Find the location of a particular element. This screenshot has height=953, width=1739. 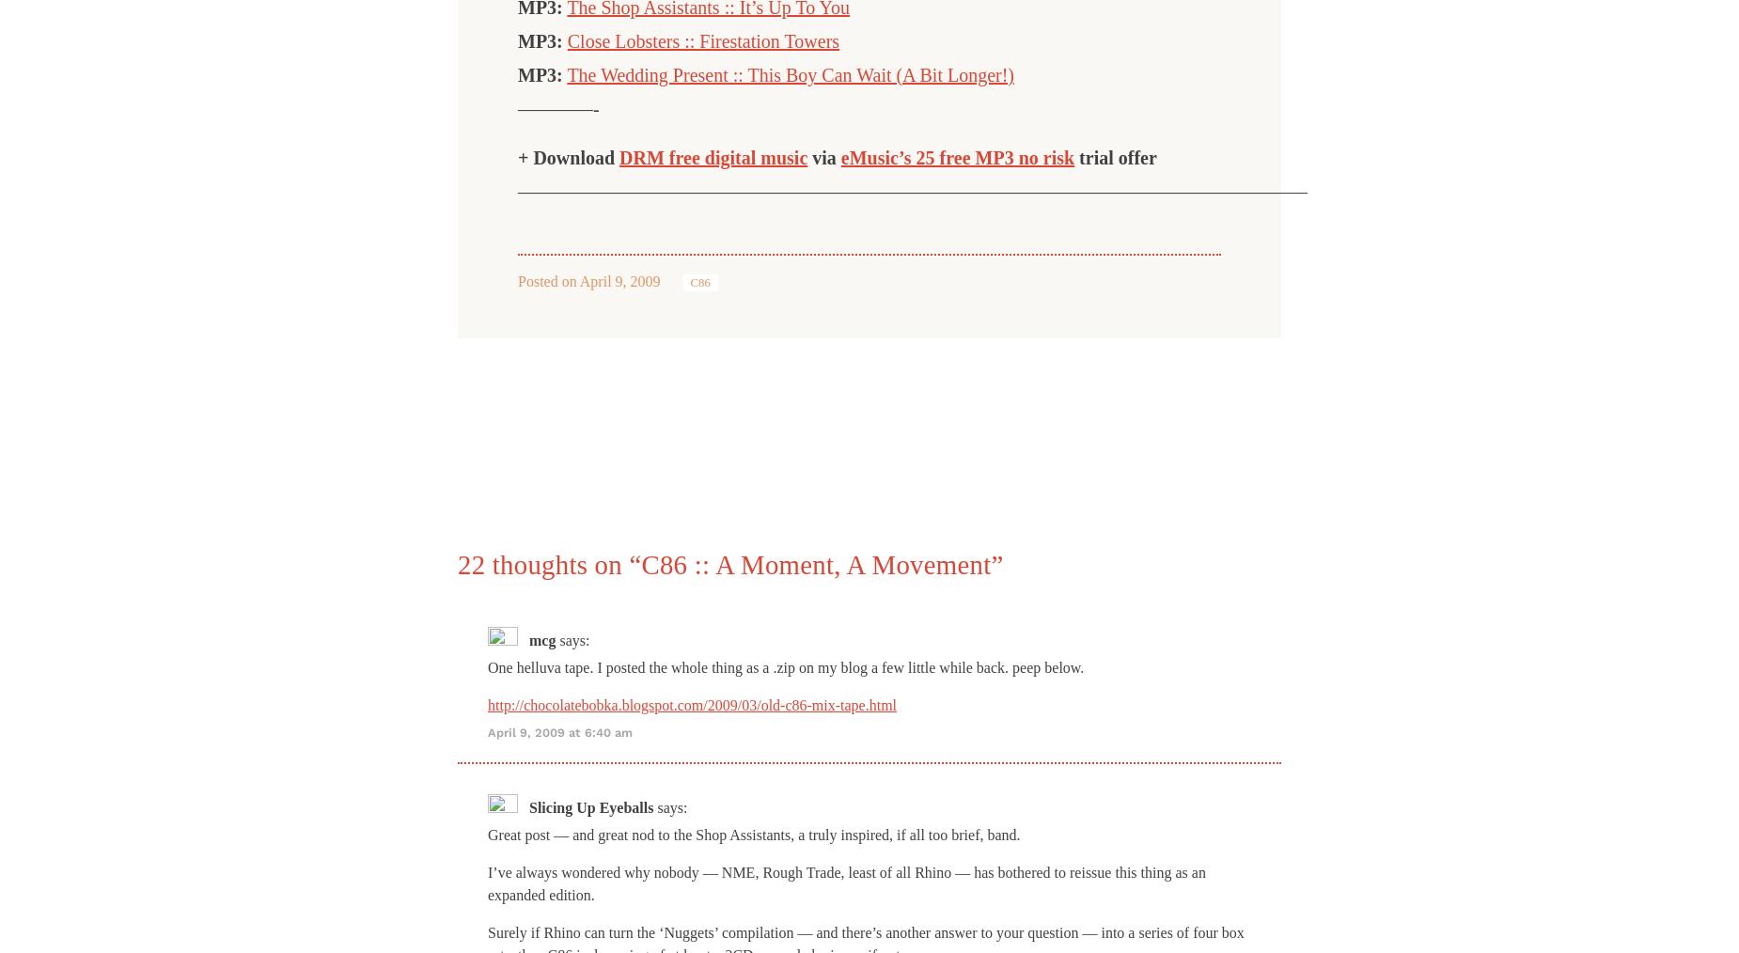

'eMusic’s 25 free MP3 no risk' is located at coordinates (956, 158).